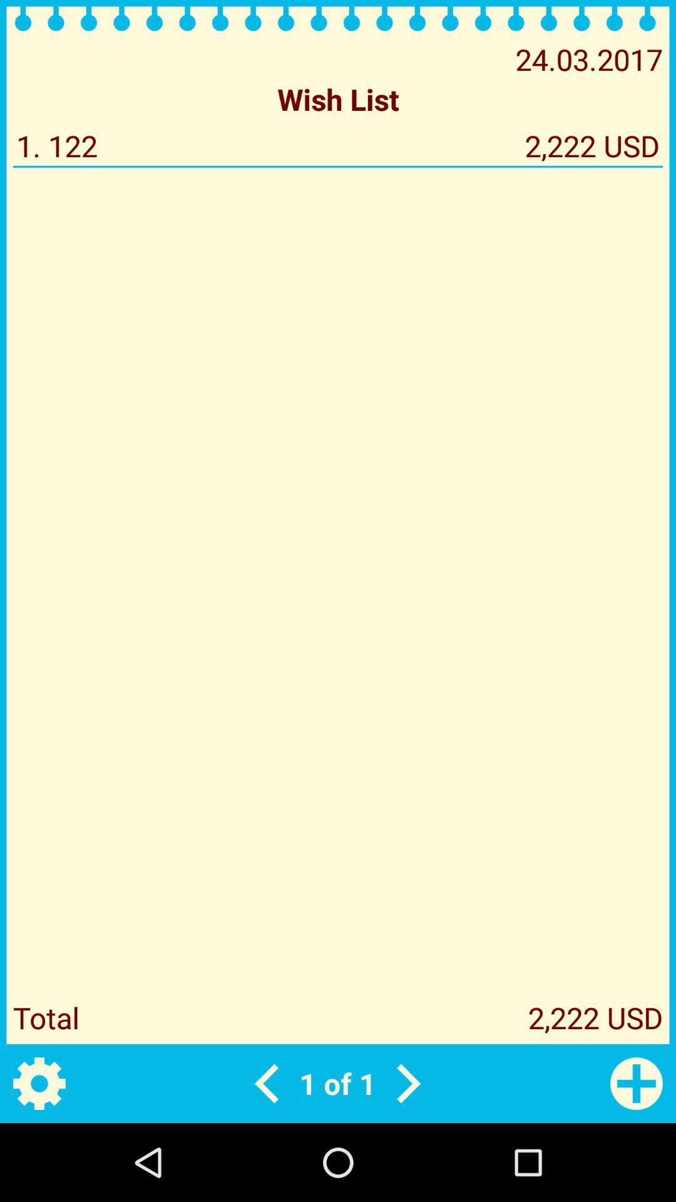 This screenshot has width=676, height=1202. I want to click on the arrow_backward icon, so click(265, 1159).